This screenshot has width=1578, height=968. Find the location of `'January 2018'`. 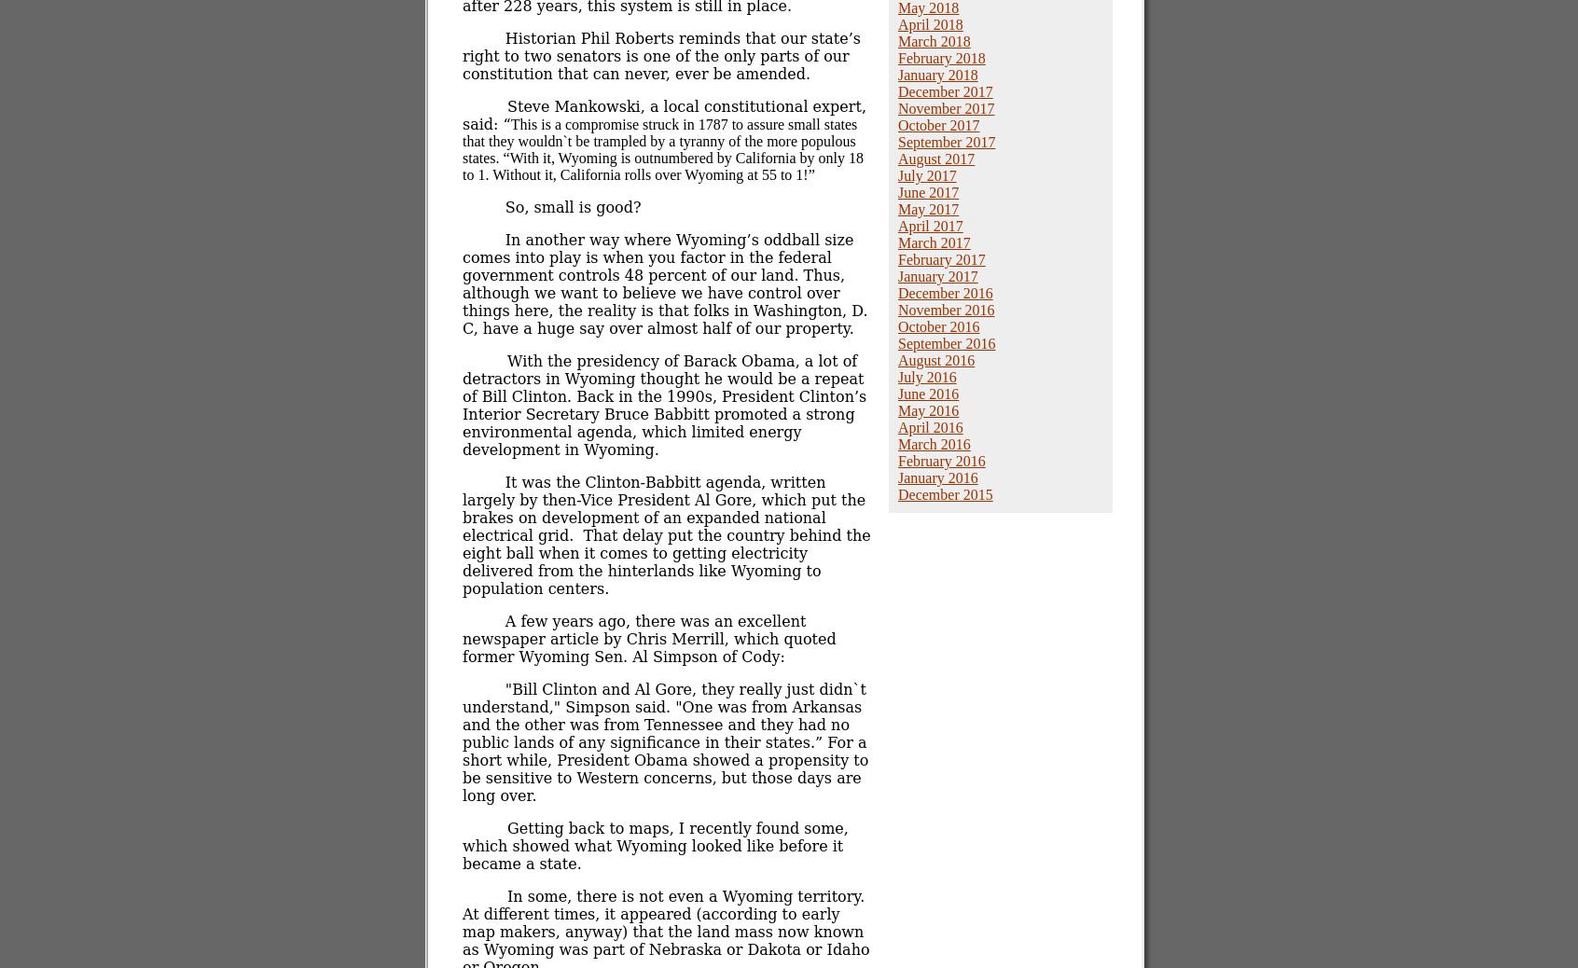

'January 2018' is located at coordinates (936, 74).